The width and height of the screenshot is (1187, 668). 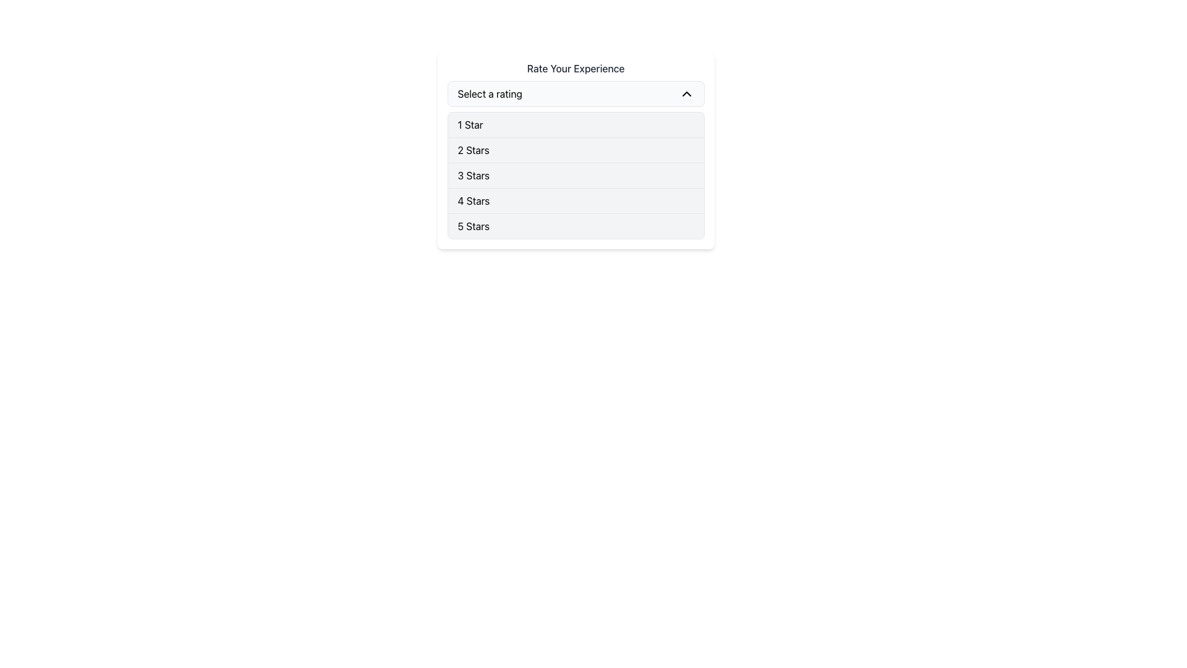 I want to click on the '4 Stars' option in the dropdown list, so click(x=575, y=200).